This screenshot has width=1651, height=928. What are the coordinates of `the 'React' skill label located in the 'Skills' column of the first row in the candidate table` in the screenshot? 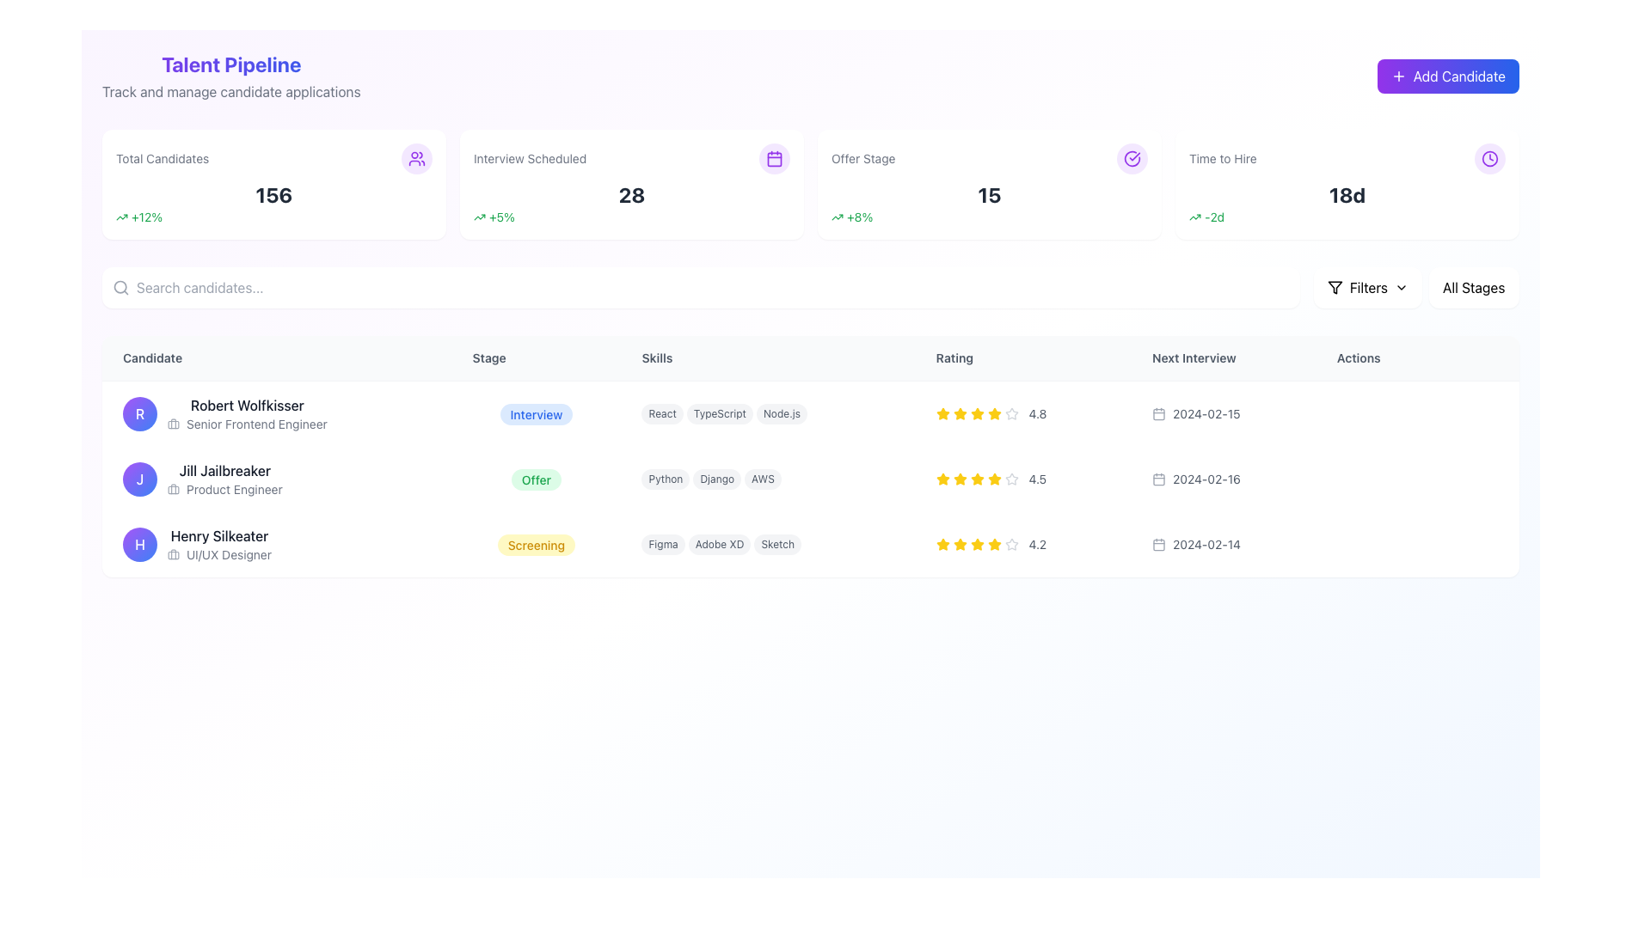 It's located at (661, 414).